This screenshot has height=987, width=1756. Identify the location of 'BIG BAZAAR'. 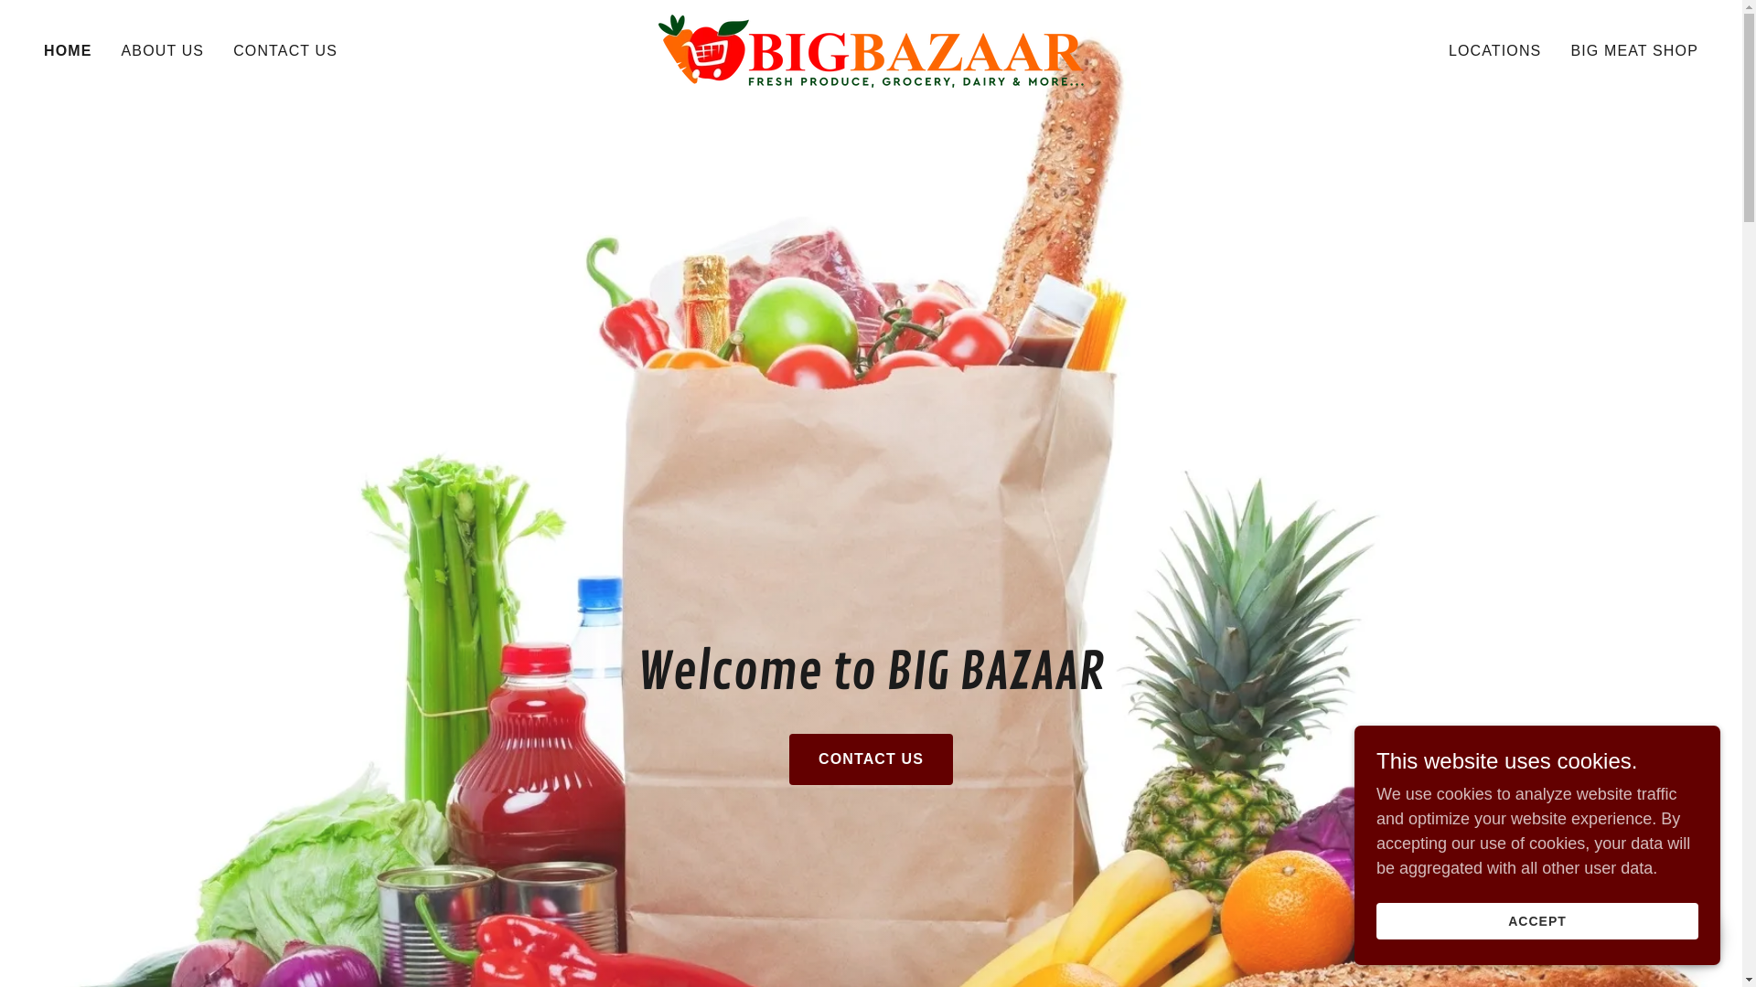
(870, 48).